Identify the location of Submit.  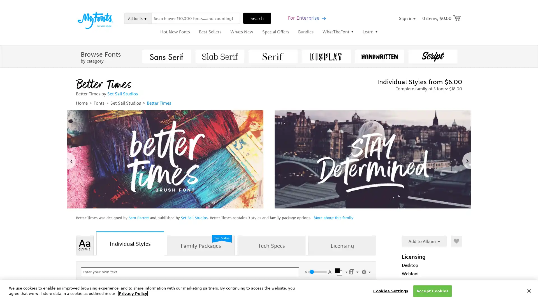
(319, 137).